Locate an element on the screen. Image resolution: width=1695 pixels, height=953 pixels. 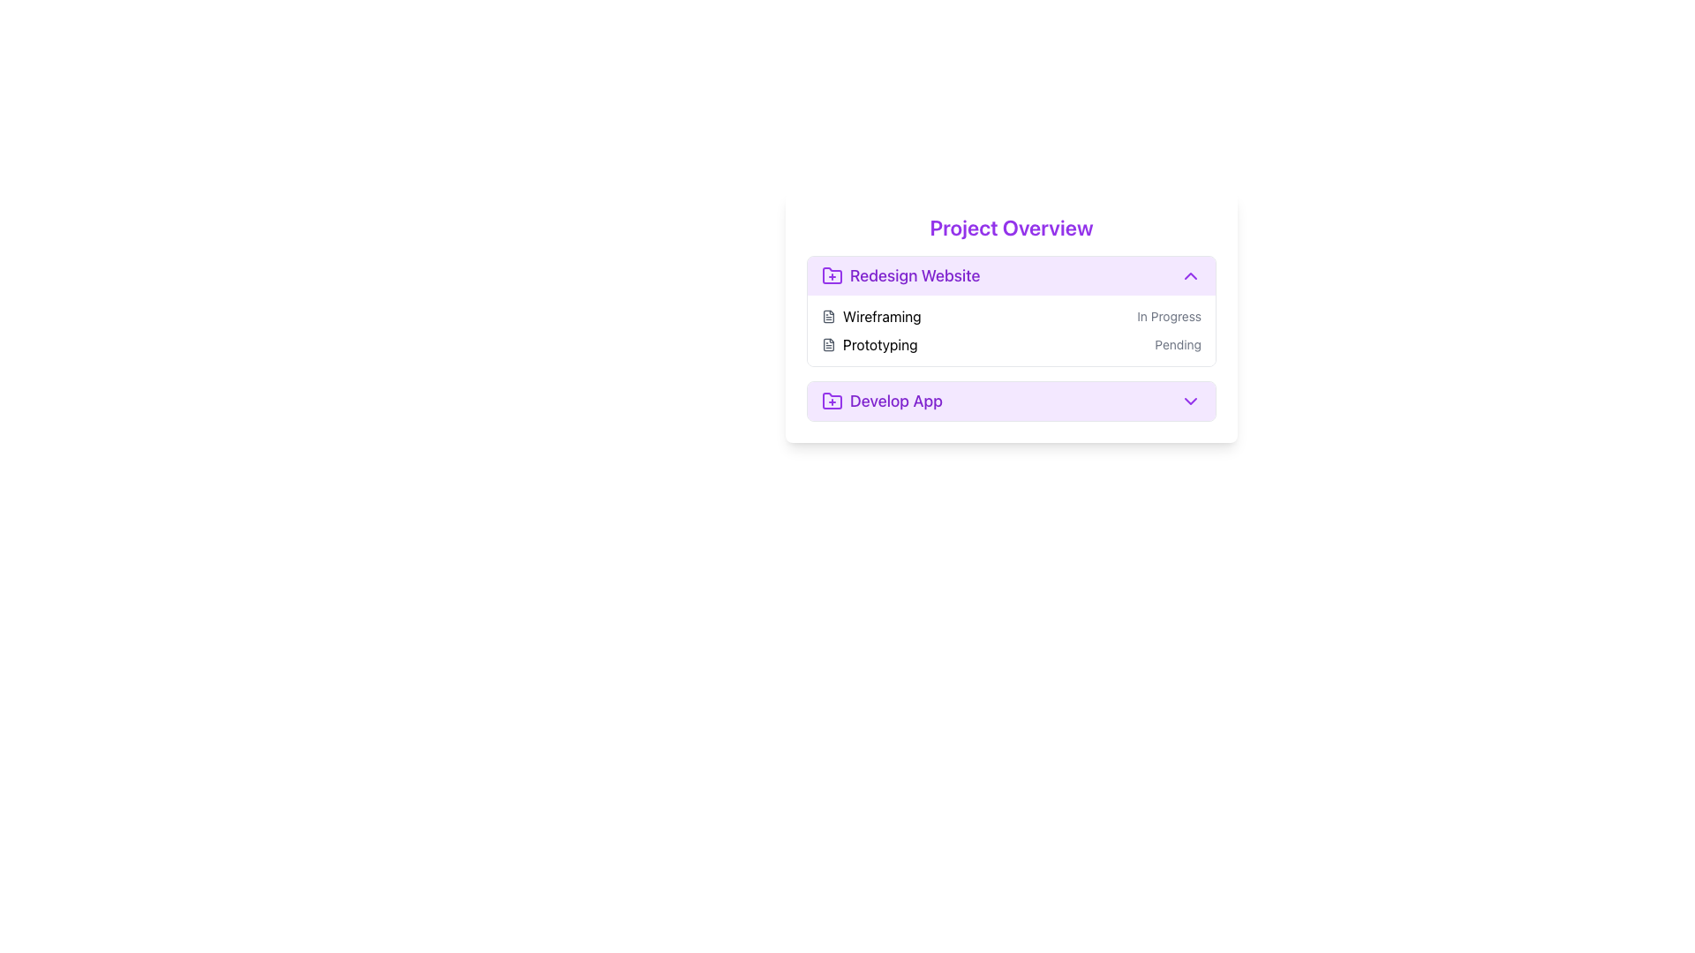
the purple folder-shaped icon with a plus sign located to the left of the 'Develop App' label in the 'Project Overview' section is located at coordinates (831, 401).